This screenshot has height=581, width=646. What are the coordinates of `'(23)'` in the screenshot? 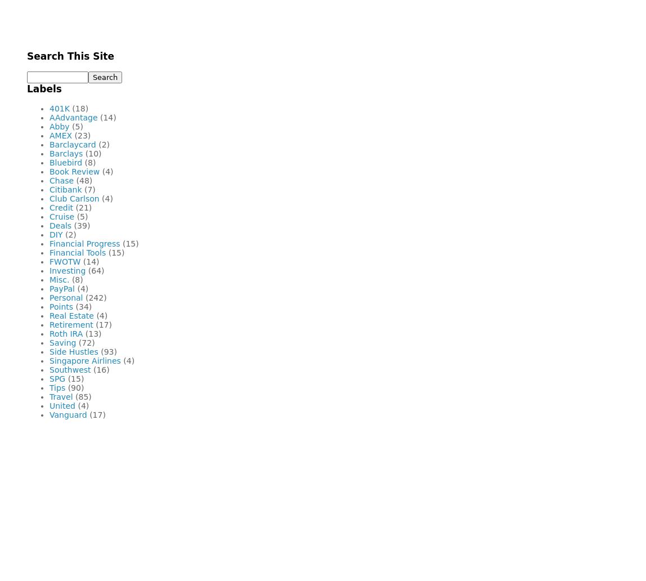 It's located at (82, 135).